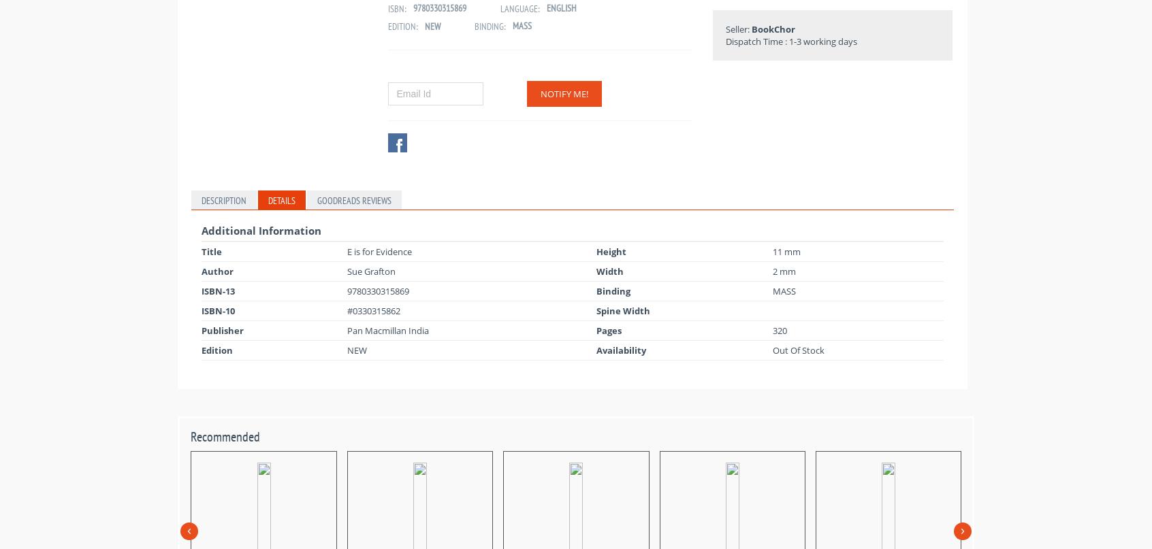 The width and height of the screenshot is (1152, 549). Describe the element at coordinates (224, 435) in the screenshot. I see `'Recommended'` at that location.